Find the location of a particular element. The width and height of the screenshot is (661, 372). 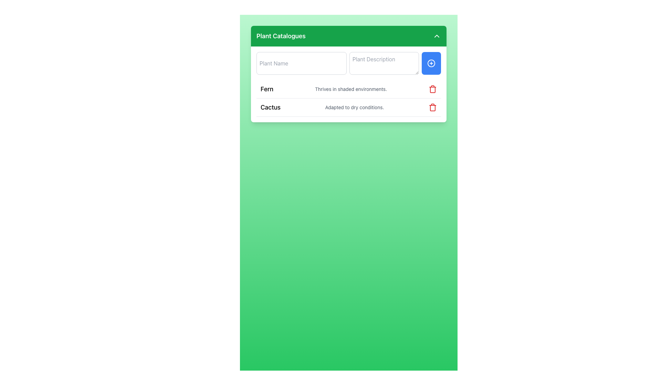

the static header text label for 'Plant Catalogues', located in the top-left portion of the green header section is located at coordinates (281, 36).